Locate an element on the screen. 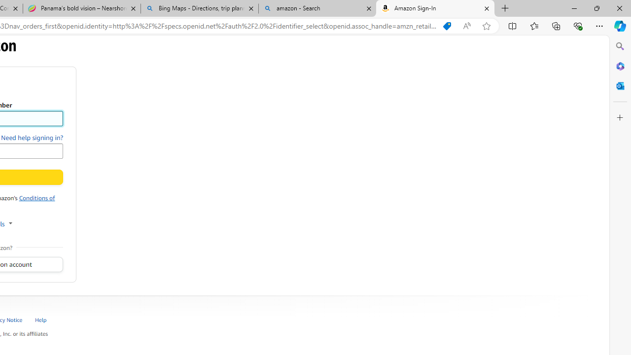 This screenshot has height=355, width=631. 'Need help signing in?' is located at coordinates (32, 138).